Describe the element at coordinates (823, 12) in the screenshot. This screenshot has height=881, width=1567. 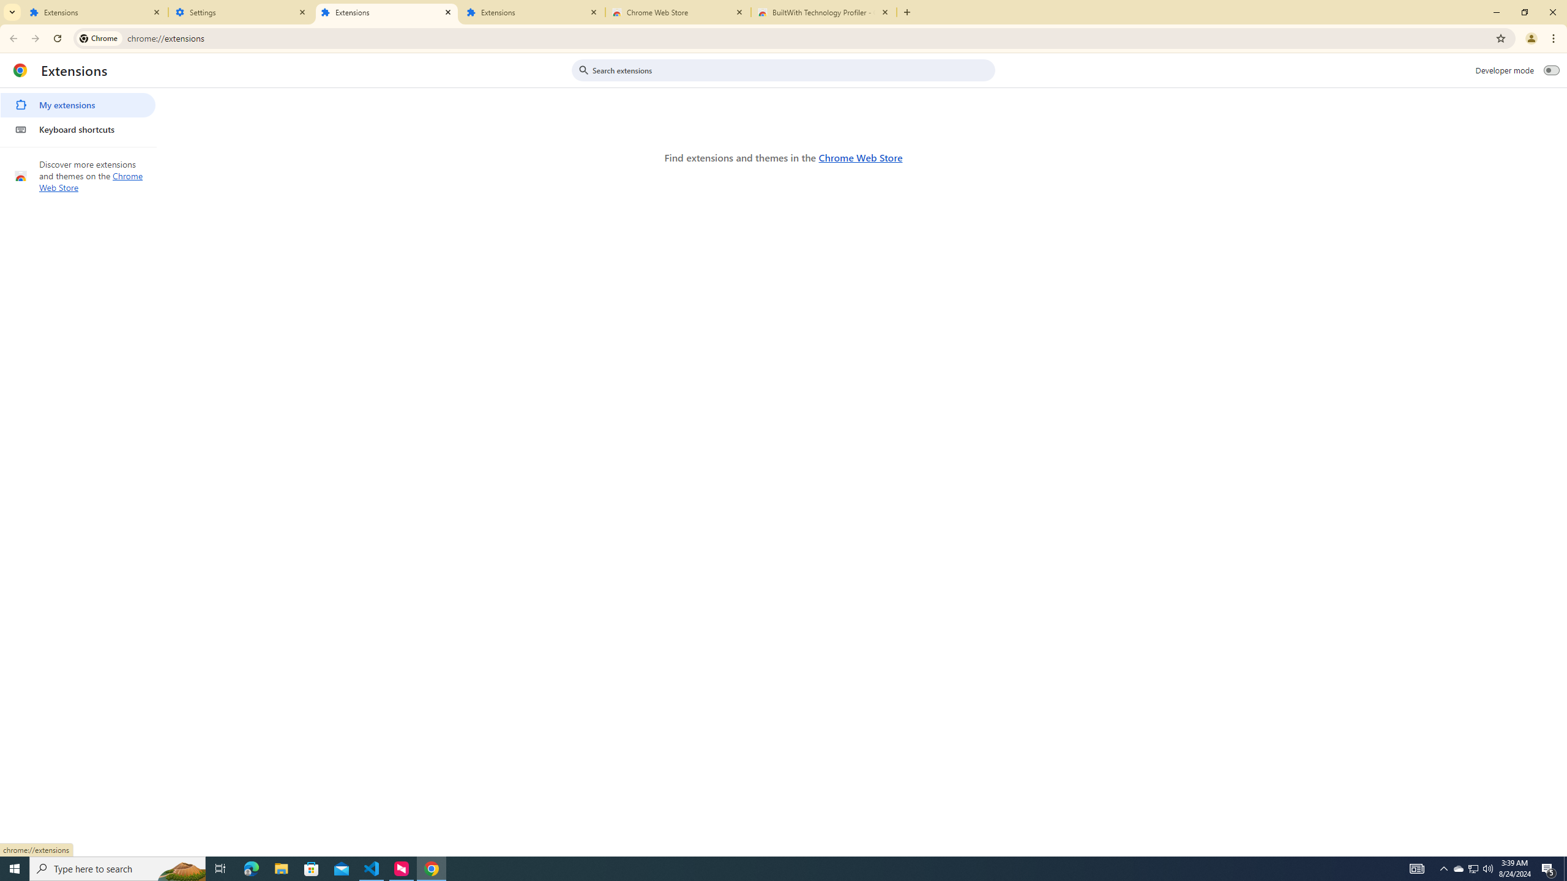
I see `'BuiltWith Technology Profiler - Chrome Web Store'` at that location.